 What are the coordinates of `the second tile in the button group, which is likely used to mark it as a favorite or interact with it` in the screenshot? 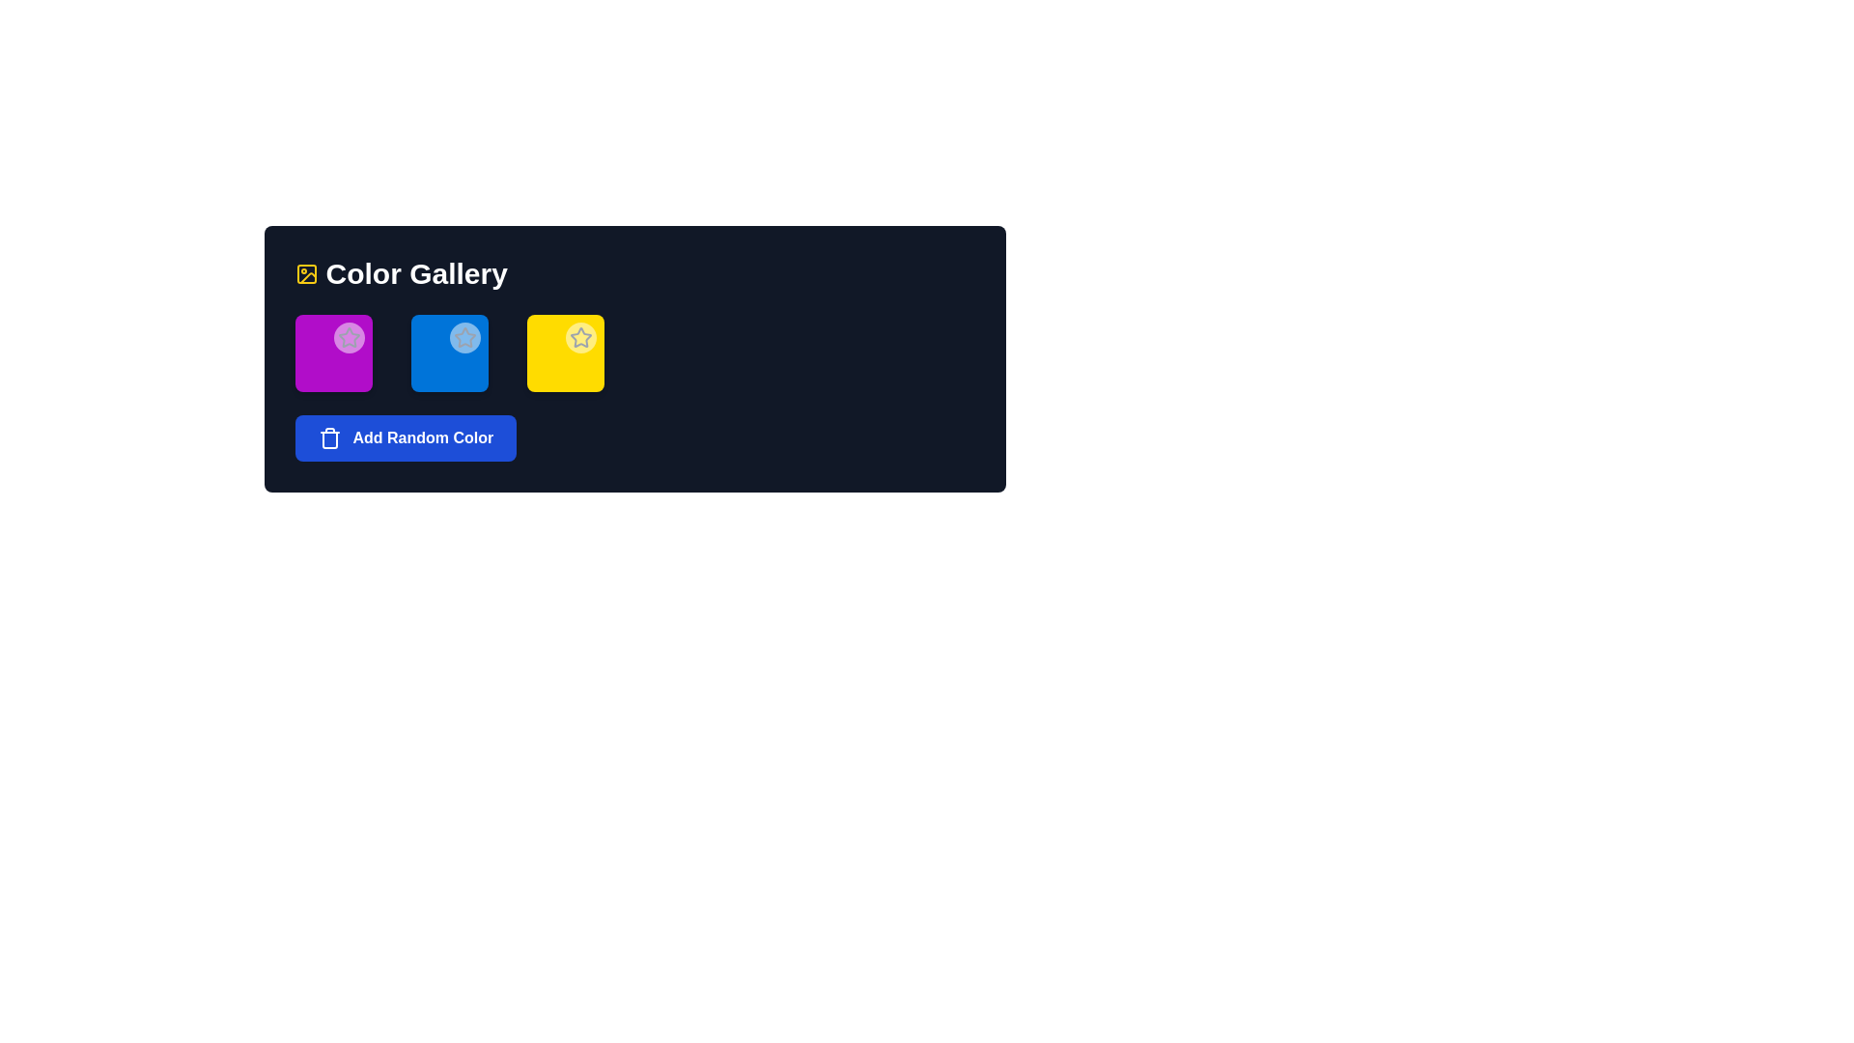 It's located at (448, 353).